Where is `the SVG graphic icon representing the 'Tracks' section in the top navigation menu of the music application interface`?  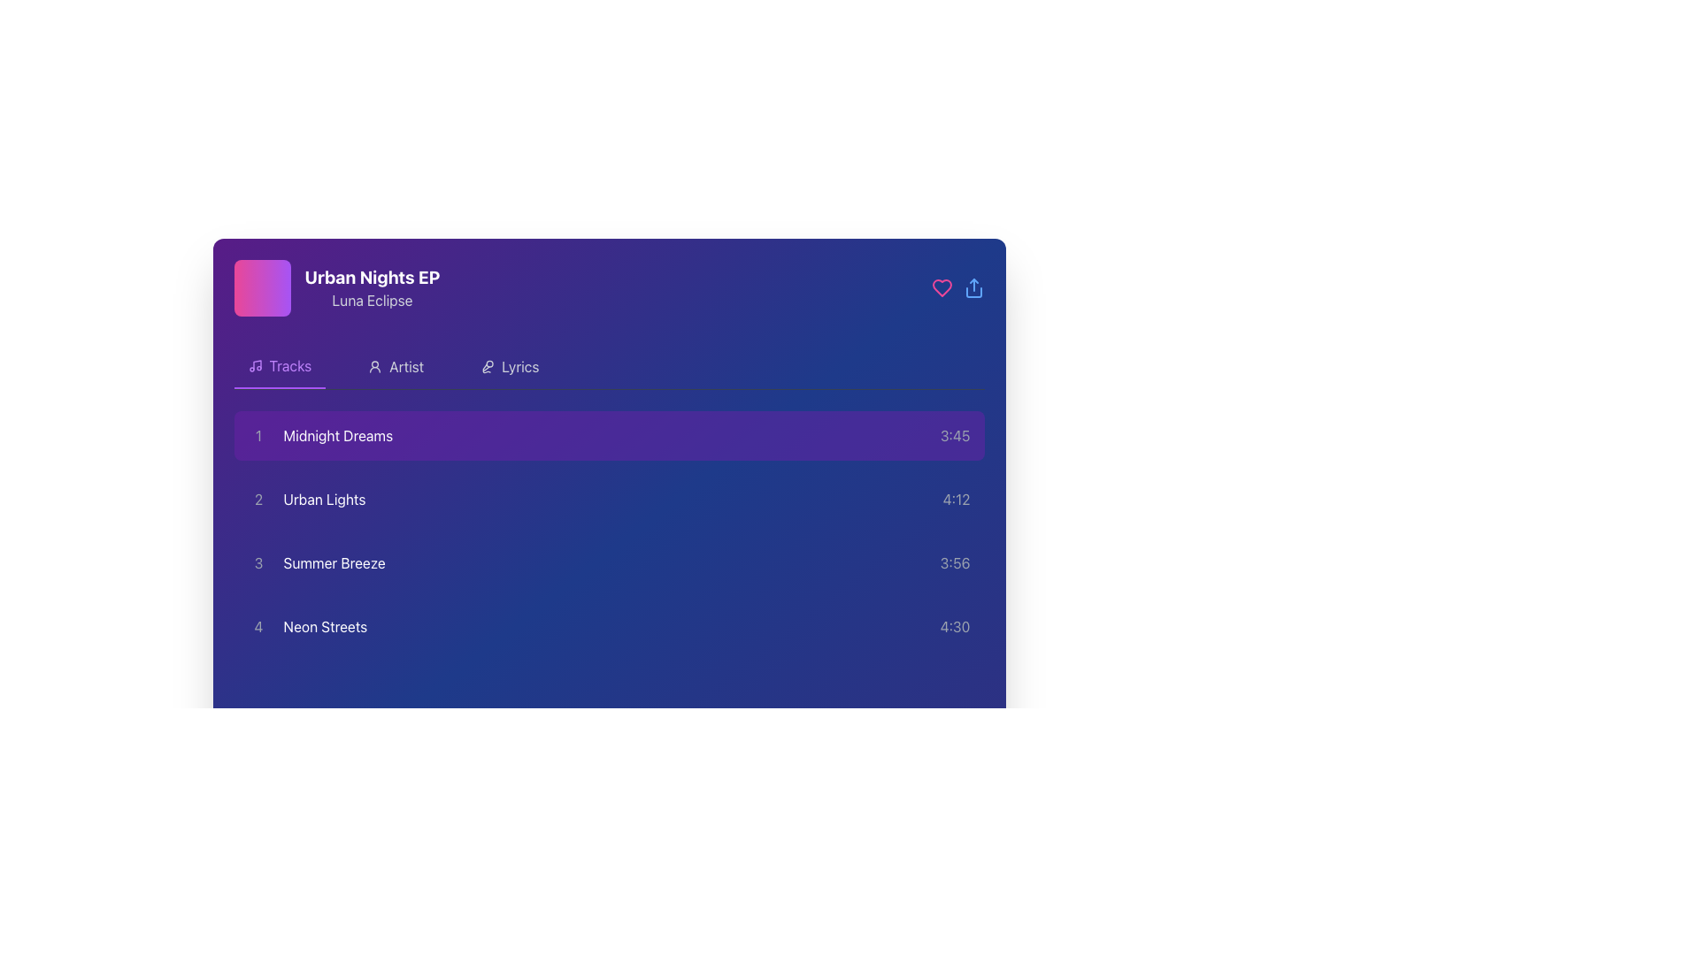
the SVG graphic icon representing the 'Tracks' section in the top navigation menu of the music application interface is located at coordinates (254, 364).